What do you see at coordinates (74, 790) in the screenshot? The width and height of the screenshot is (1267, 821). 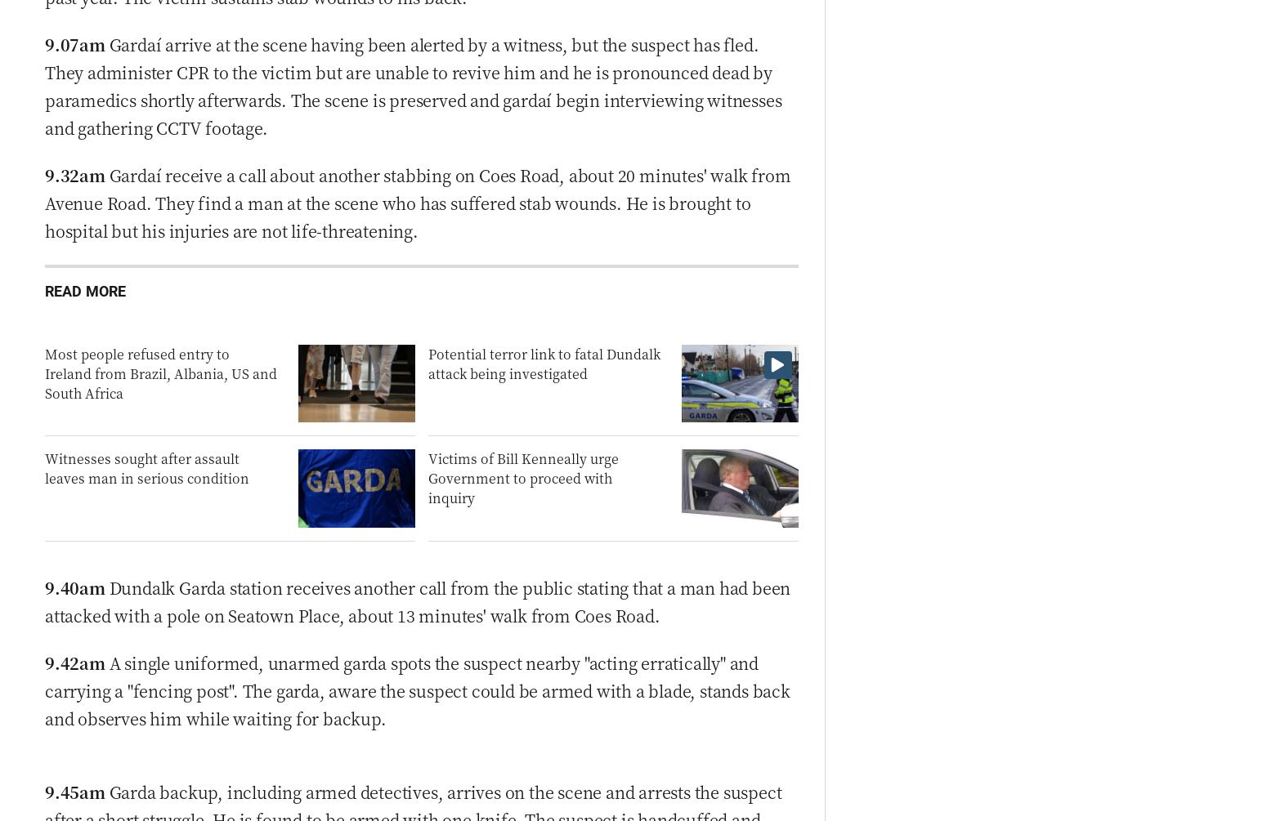 I see `'9.45am'` at bounding box center [74, 790].